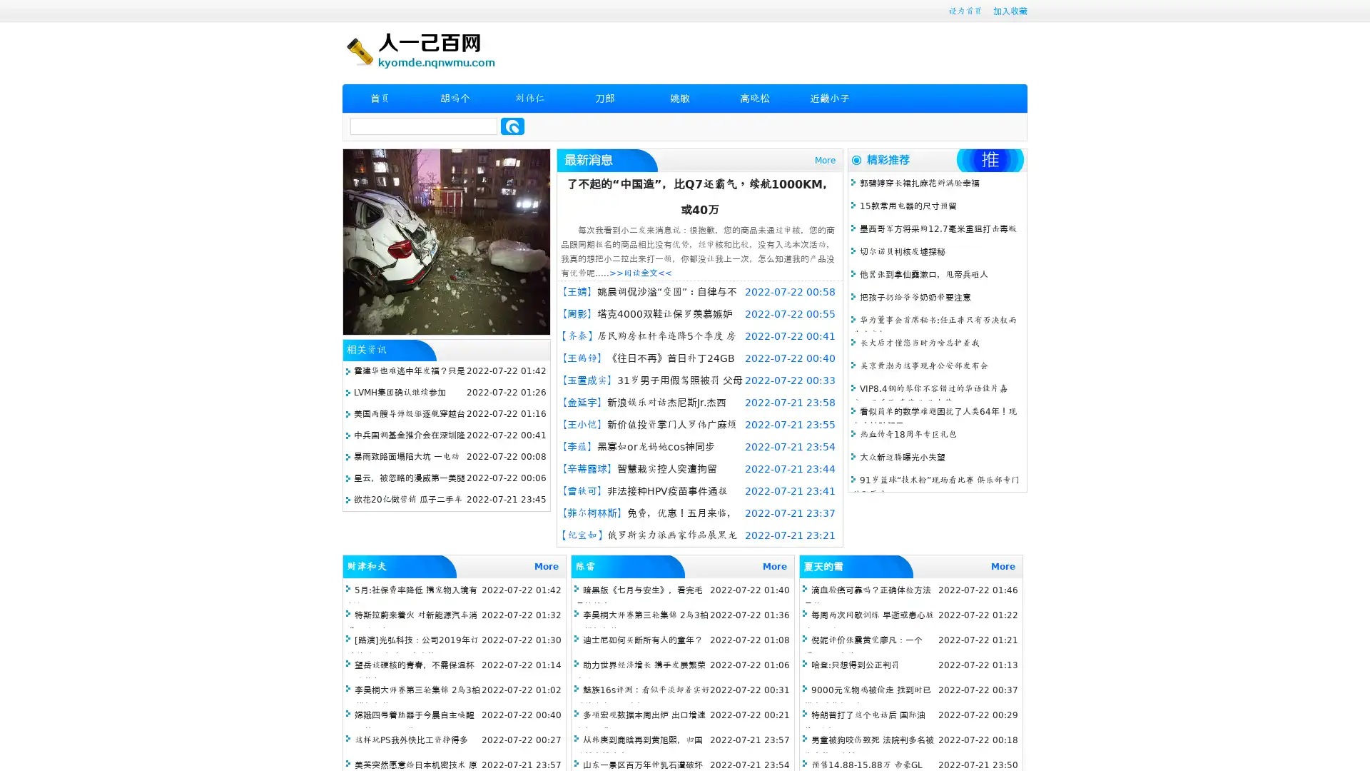  I want to click on Search, so click(512, 126).